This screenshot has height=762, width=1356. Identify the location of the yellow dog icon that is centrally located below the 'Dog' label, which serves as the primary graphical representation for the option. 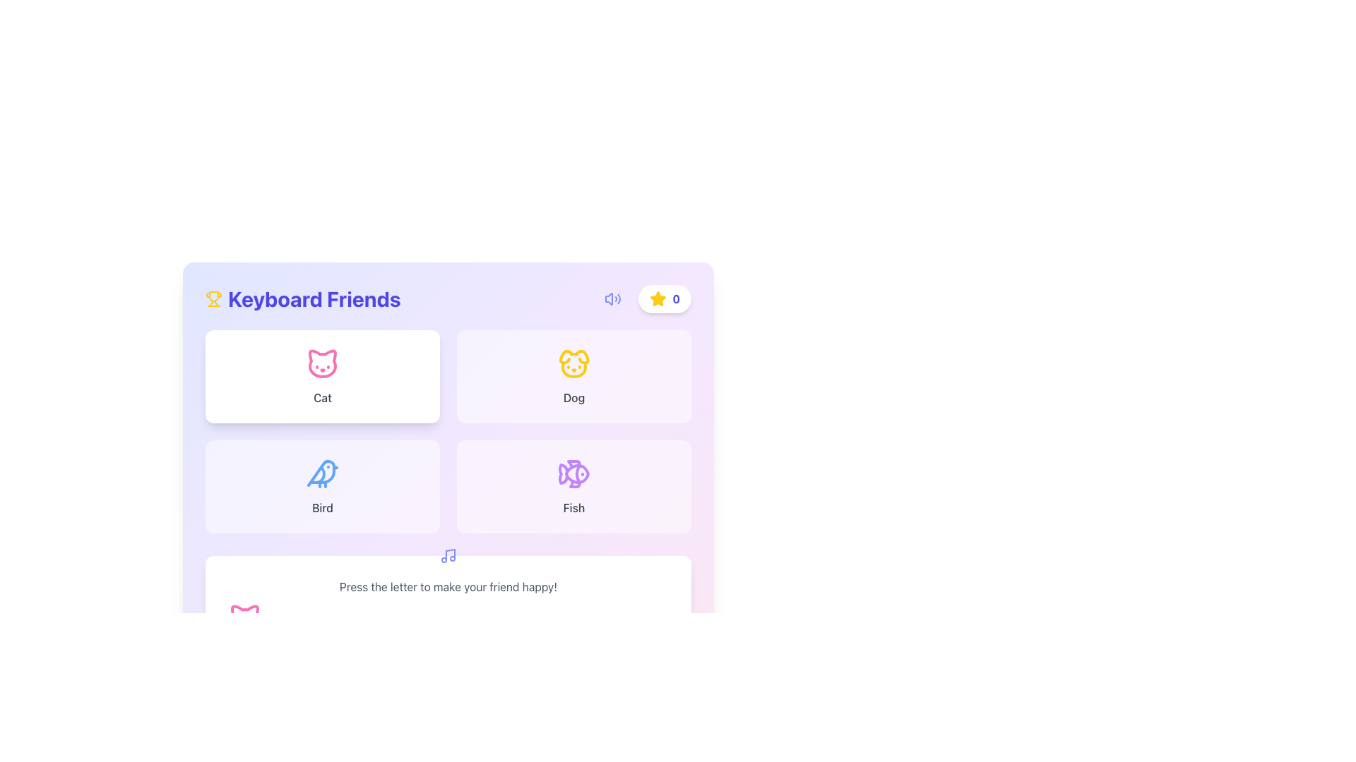
(573, 363).